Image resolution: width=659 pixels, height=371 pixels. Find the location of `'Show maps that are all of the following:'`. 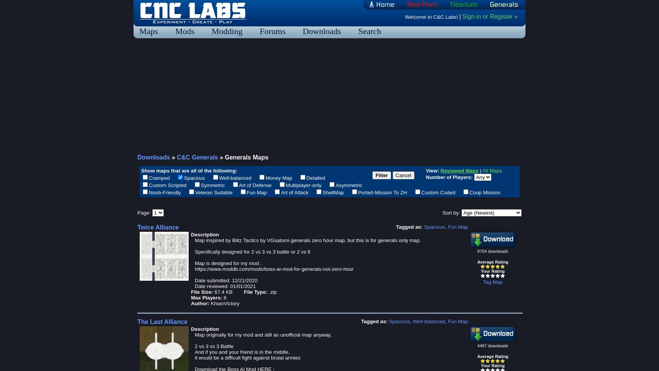

'Show maps that are all of the following:' is located at coordinates (189, 170).